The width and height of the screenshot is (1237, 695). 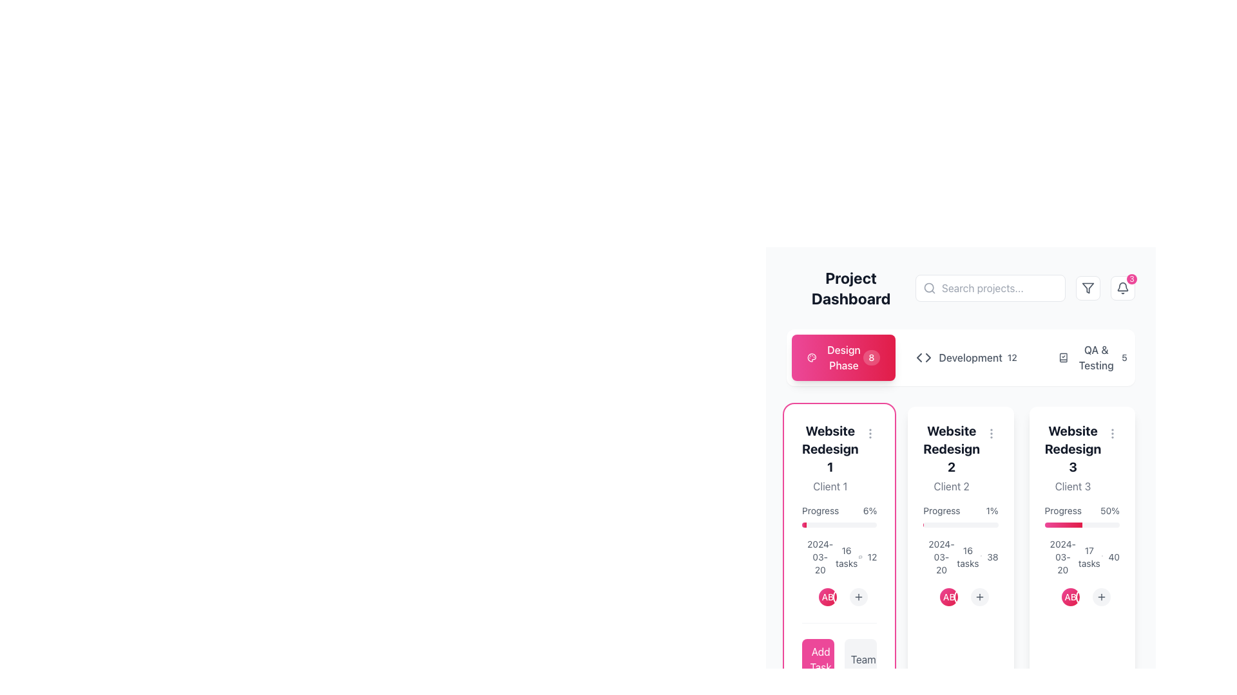 What do you see at coordinates (1063, 525) in the screenshot?
I see `the ProgressIndicator, which is a horizontal progress bar segment with a gradient from pink to rose, representing the completion level of the 'Website Redesign 3' card in the 'Project Dashboard'` at bounding box center [1063, 525].